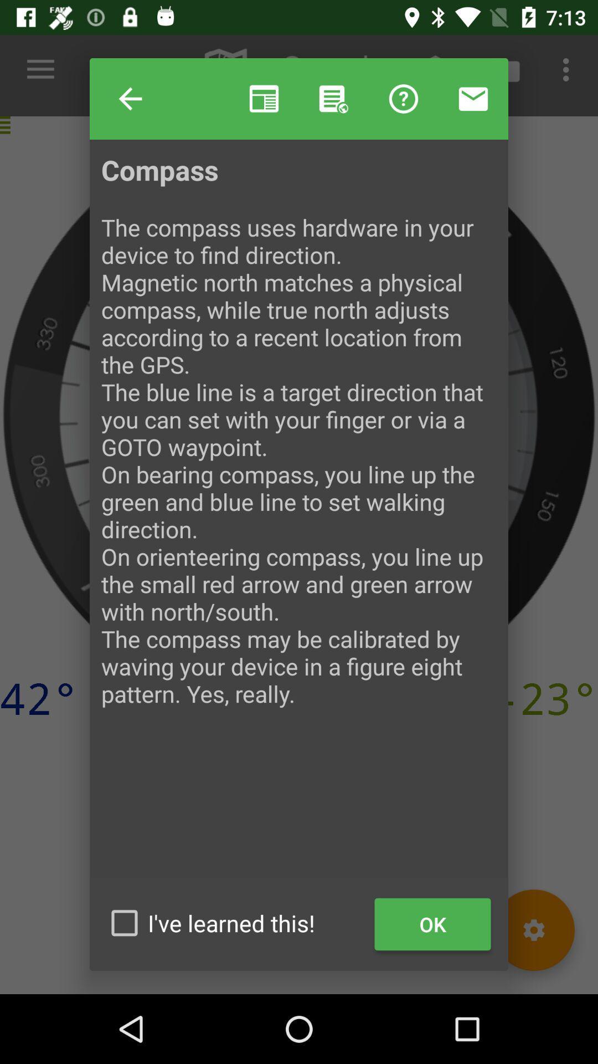 Image resolution: width=598 pixels, height=1064 pixels. Describe the element at coordinates (299, 514) in the screenshot. I see `the compass the compass at the center` at that location.